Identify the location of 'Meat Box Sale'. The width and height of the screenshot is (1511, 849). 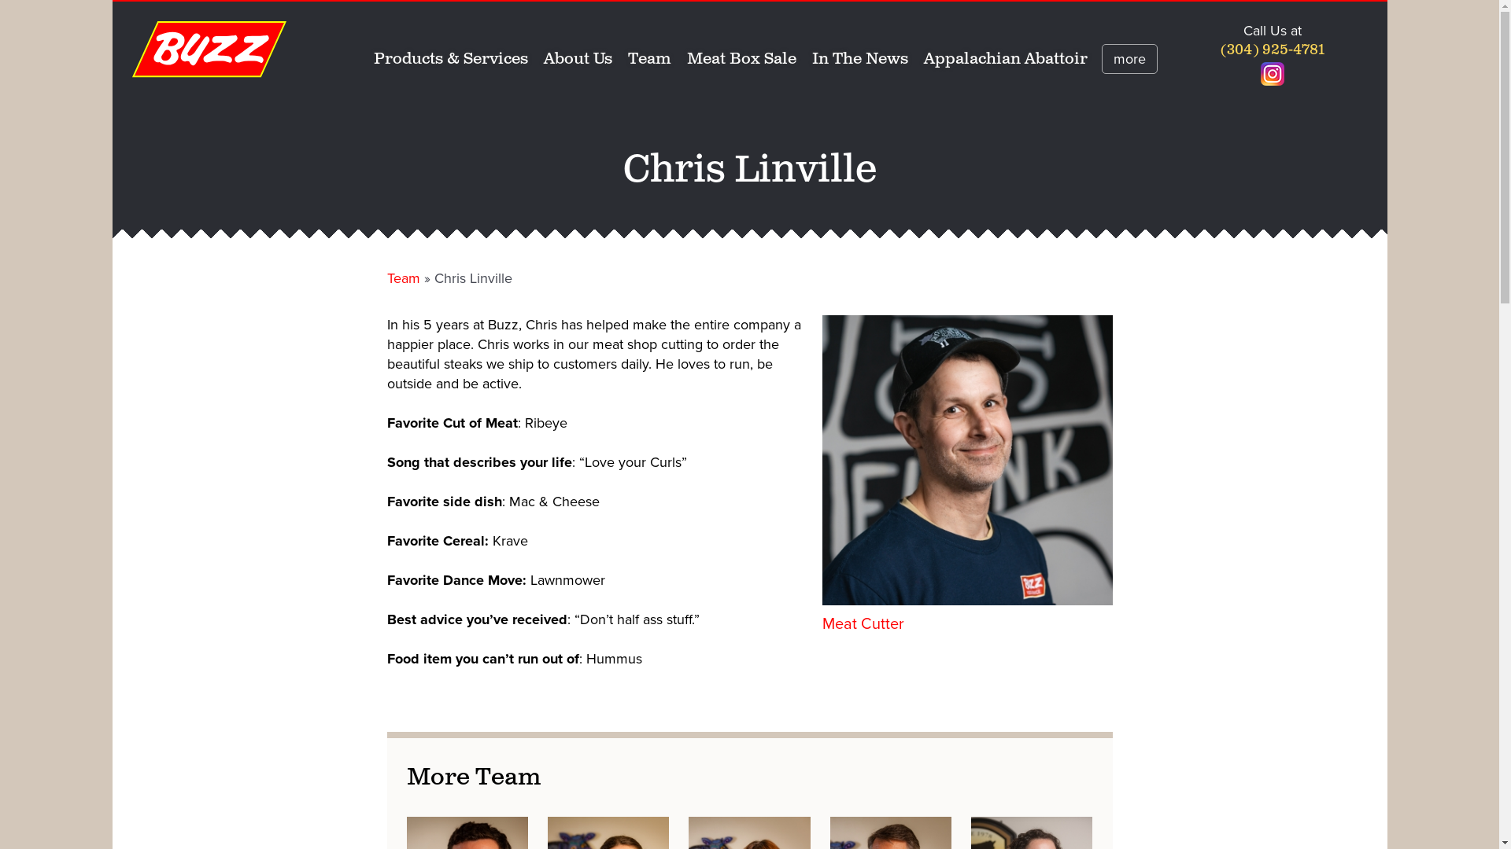
(741, 59).